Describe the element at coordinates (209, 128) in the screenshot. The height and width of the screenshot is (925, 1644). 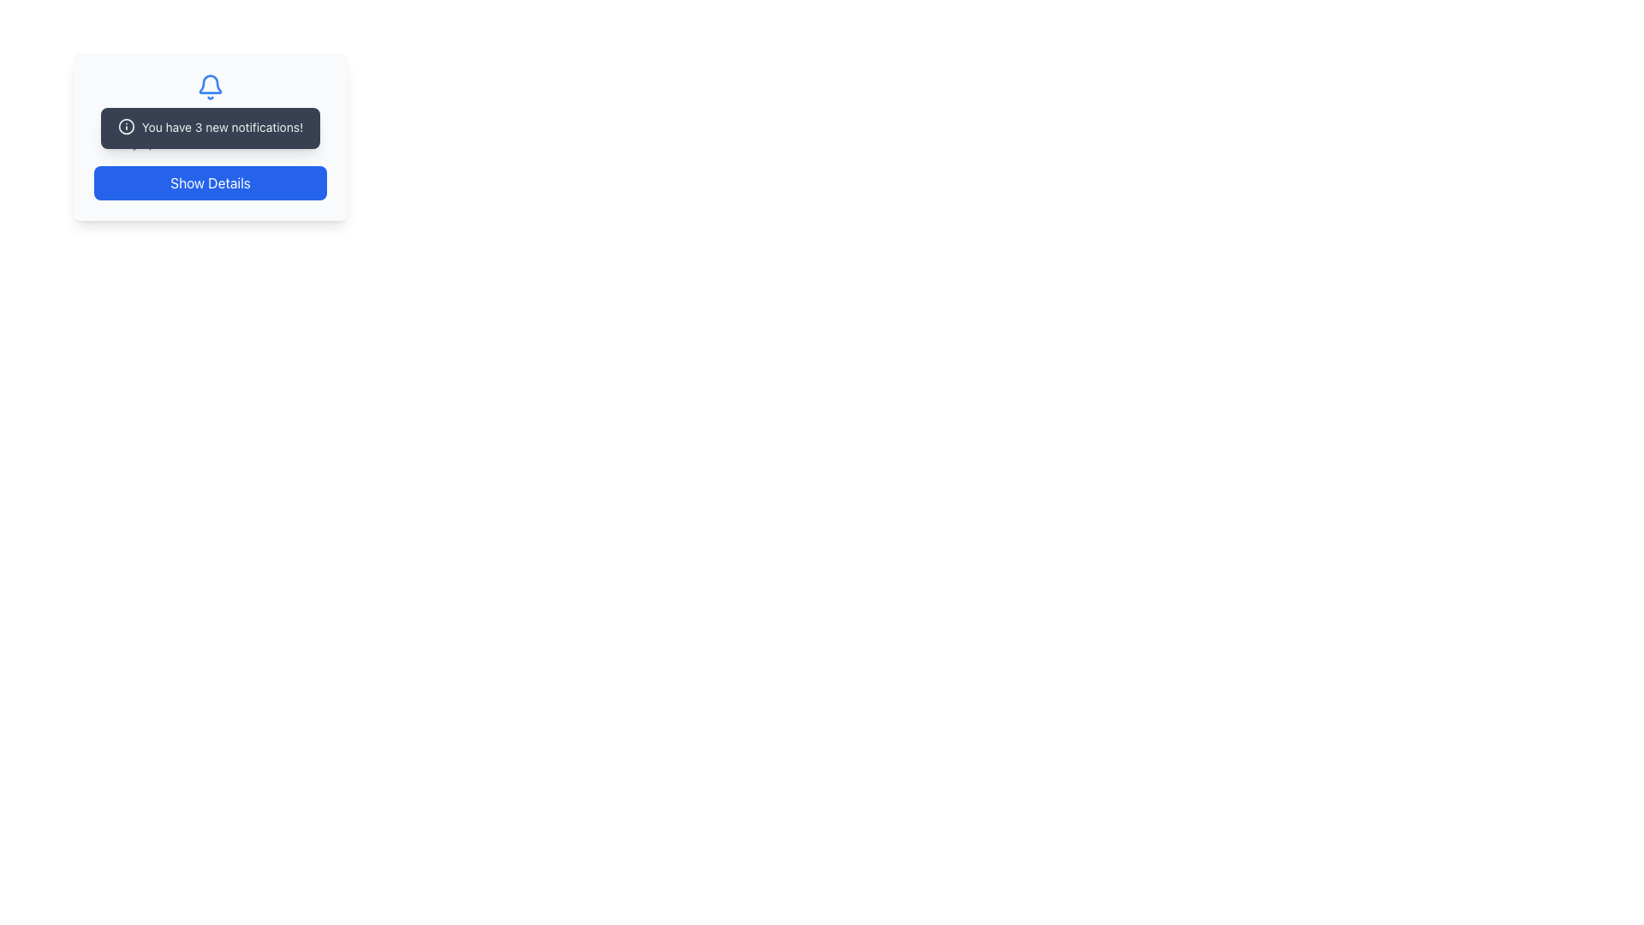
I see `the informational message box displaying 'You have 3 new notifications!' which is styled with rounded corners and a shadow effect` at that location.